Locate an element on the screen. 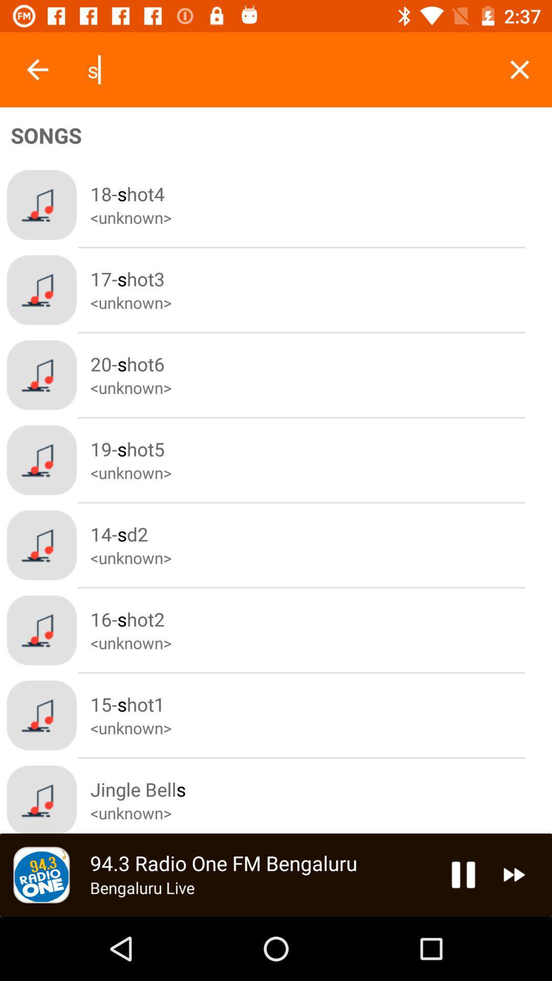 This screenshot has height=981, width=552. the item above the songs item is located at coordinates (37, 69).